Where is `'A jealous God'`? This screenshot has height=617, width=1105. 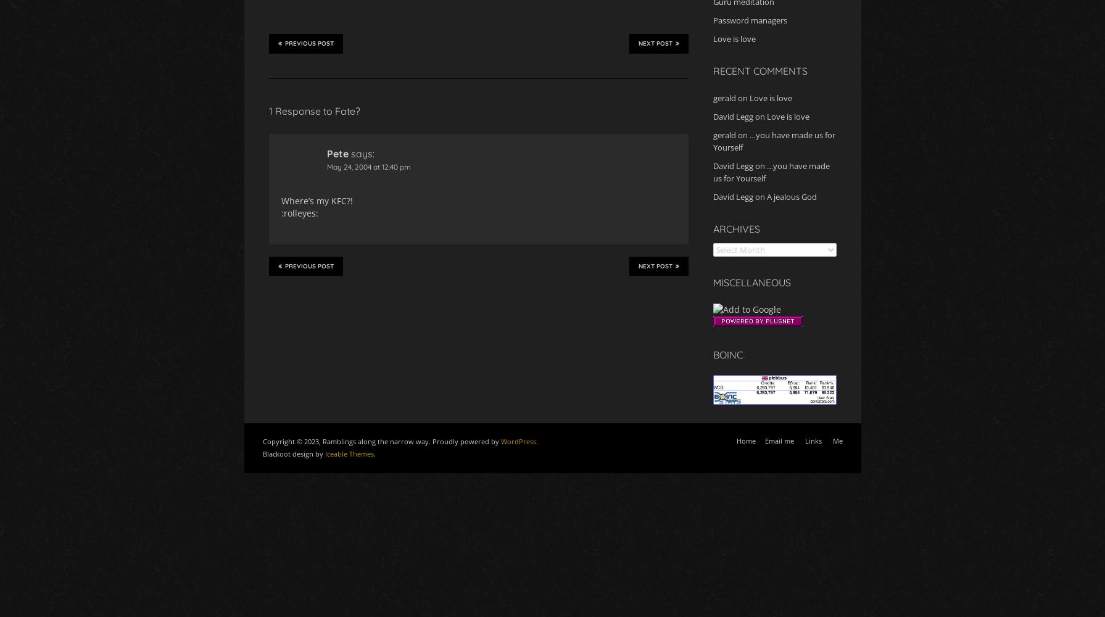
'A jealous God' is located at coordinates (790, 196).